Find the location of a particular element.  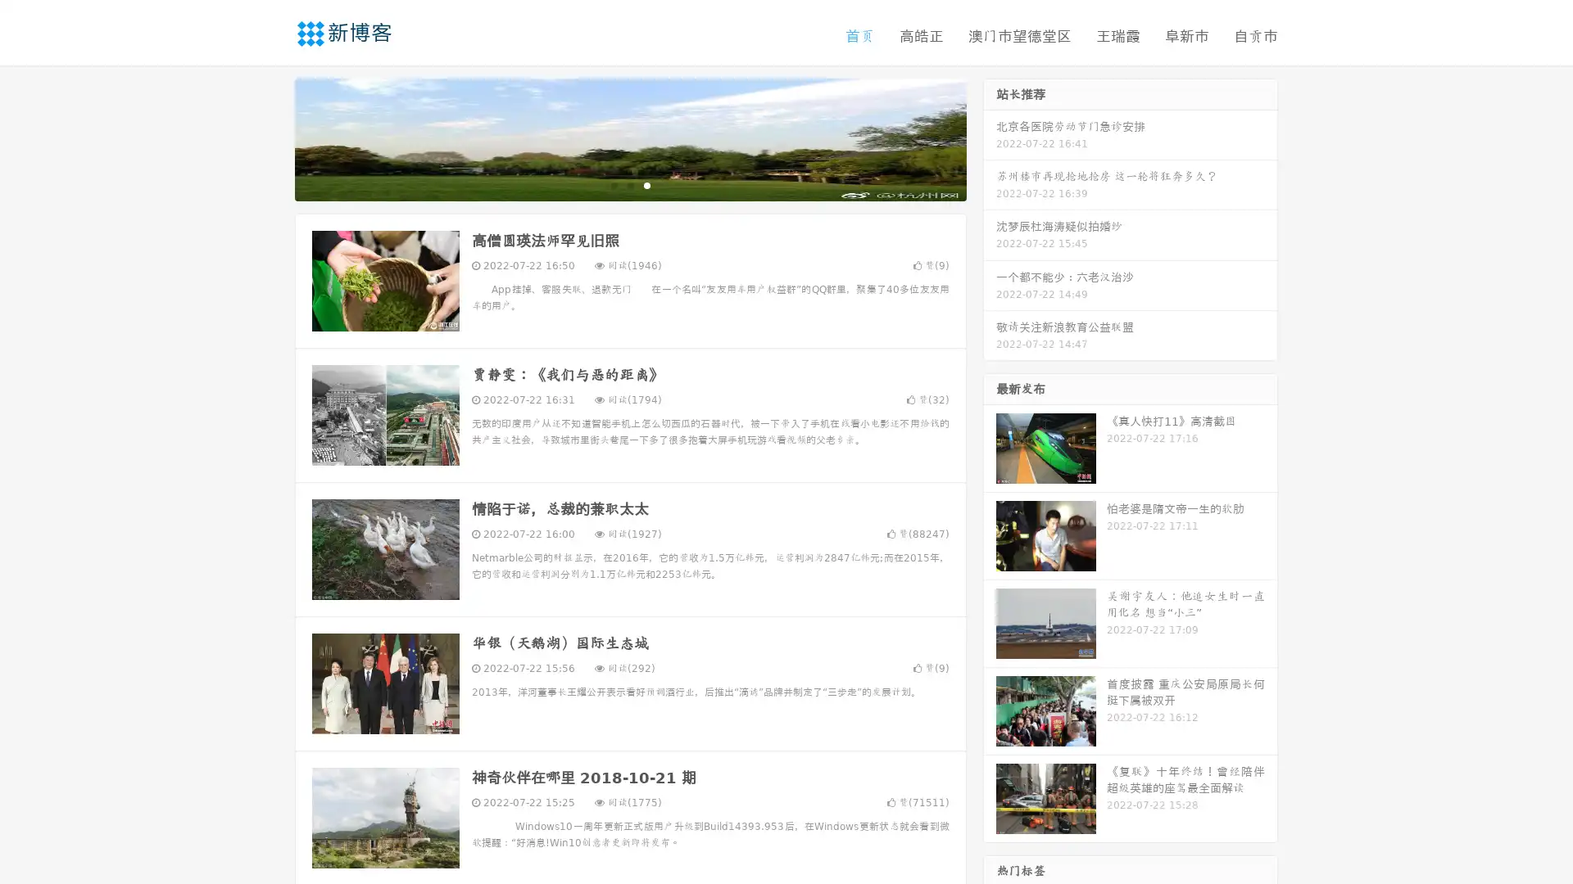

Previous slide is located at coordinates (270, 138).